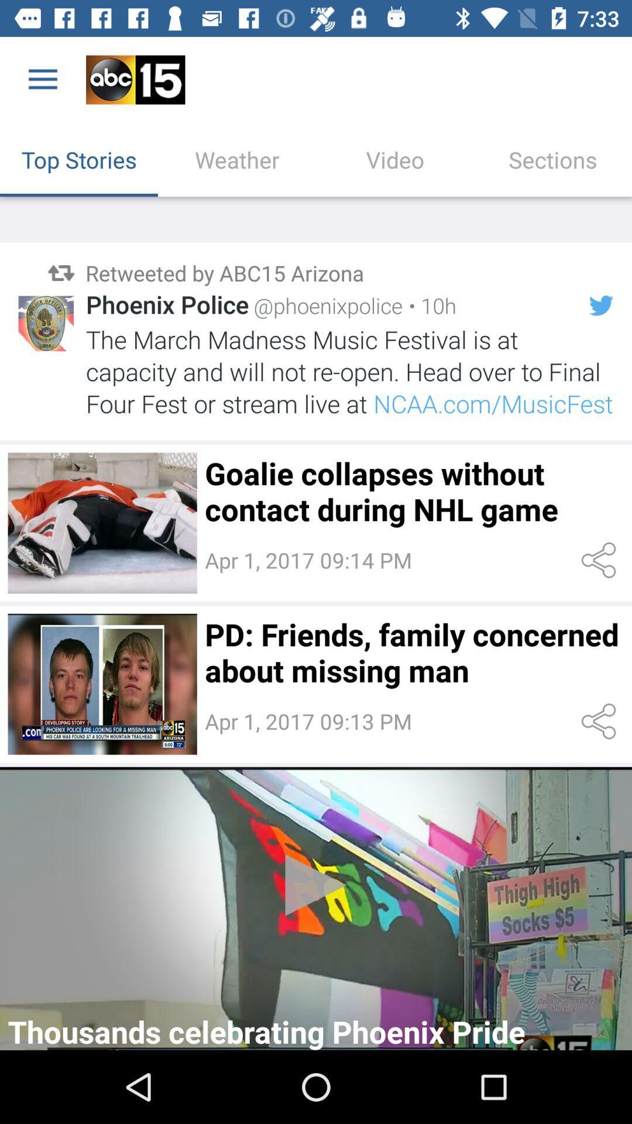 The width and height of the screenshot is (632, 1124). Describe the element at coordinates (316, 908) in the screenshot. I see `a video` at that location.